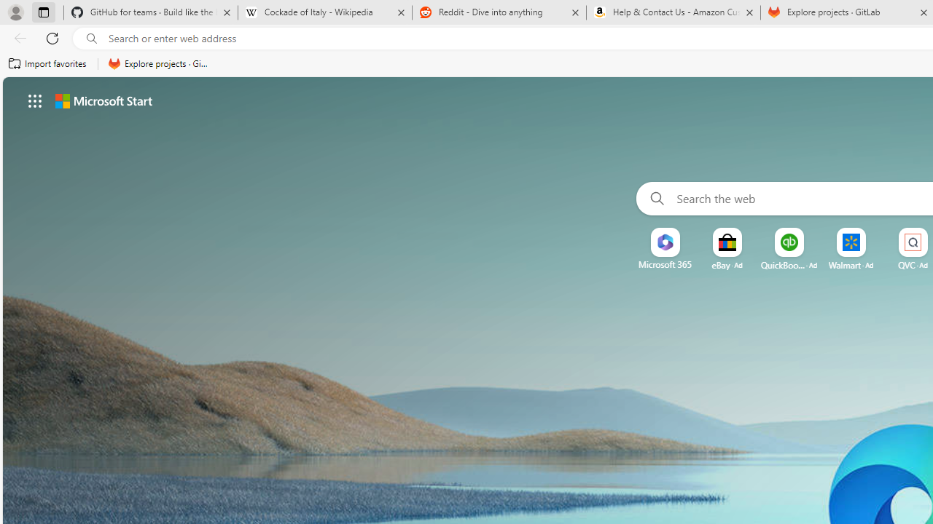 This screenshot has height=524, width=933. I want to click on 'App launcher', so click(35, 100).